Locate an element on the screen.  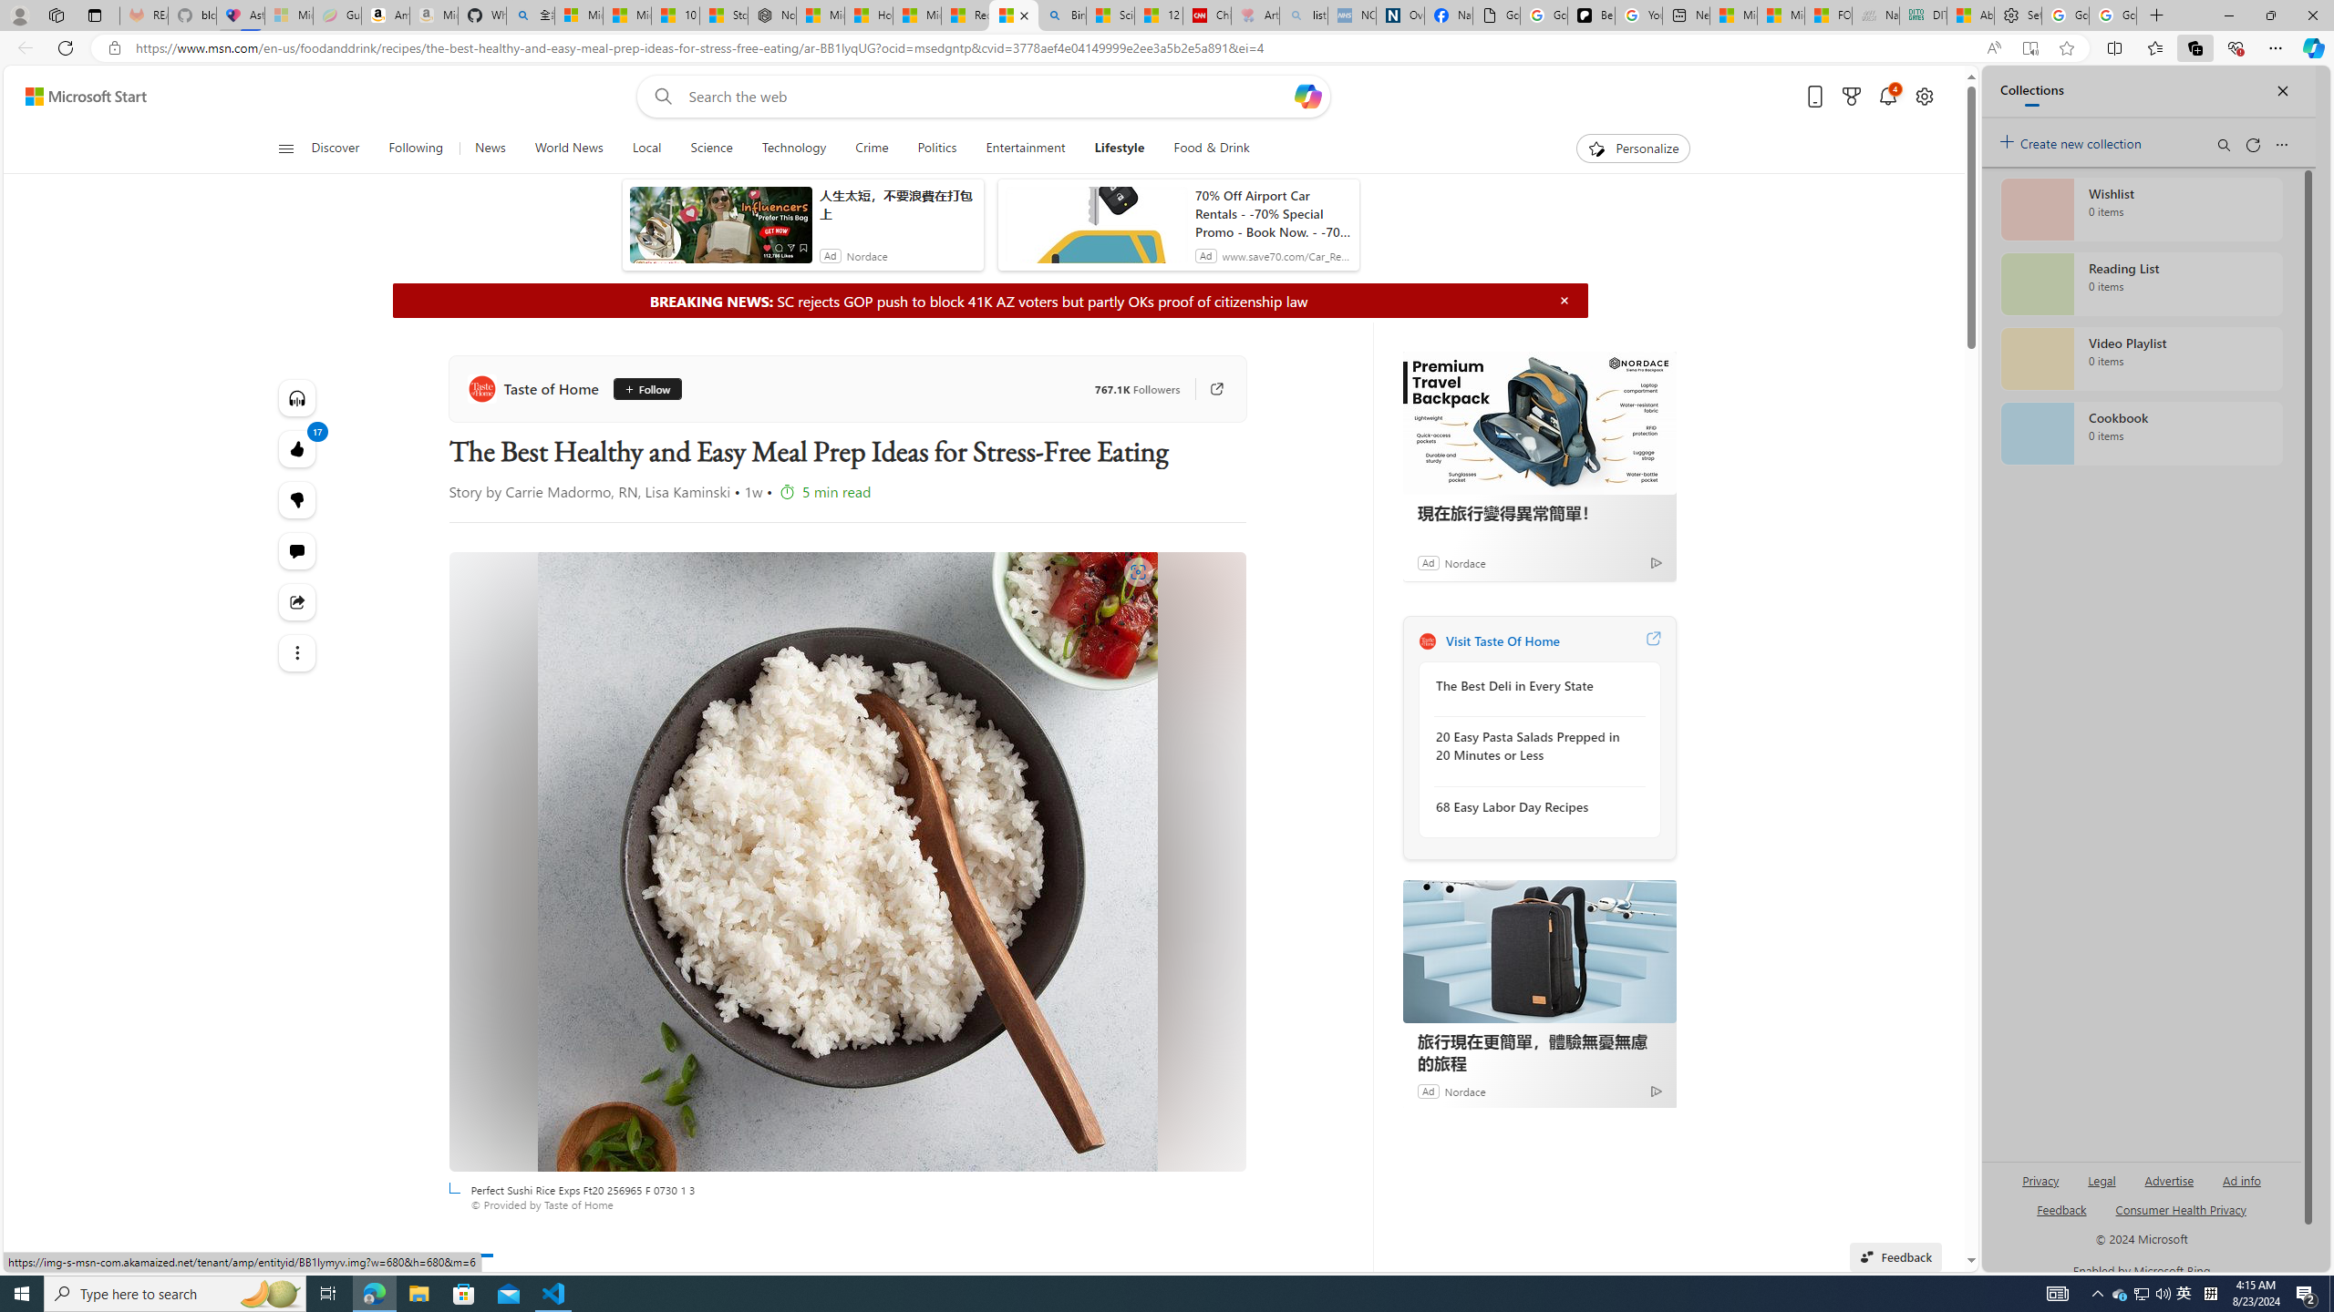
'Hide' is located at coordinates (1565, 300).